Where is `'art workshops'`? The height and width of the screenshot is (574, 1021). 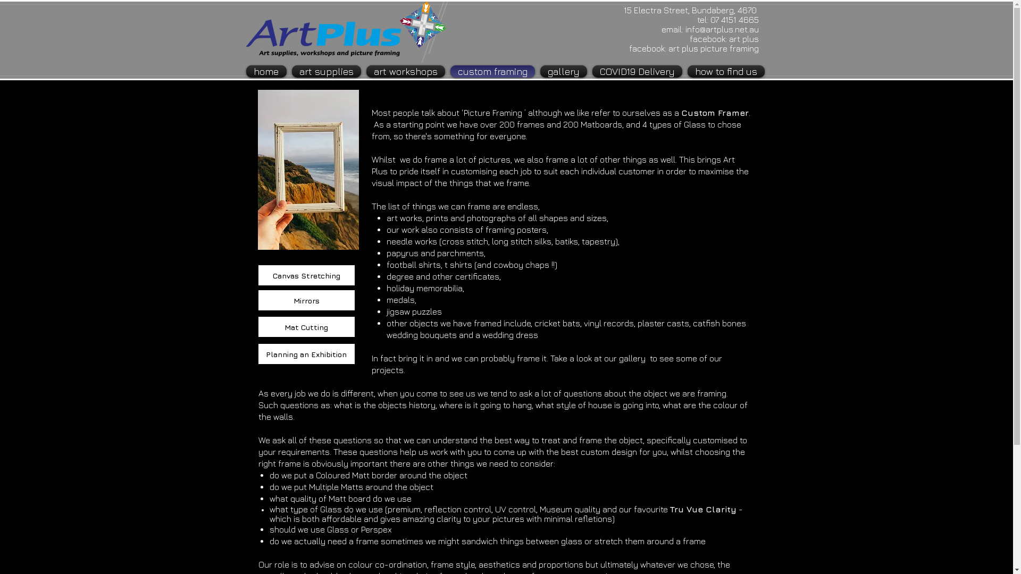 'art workshops' is located at coordinates (364, 71).